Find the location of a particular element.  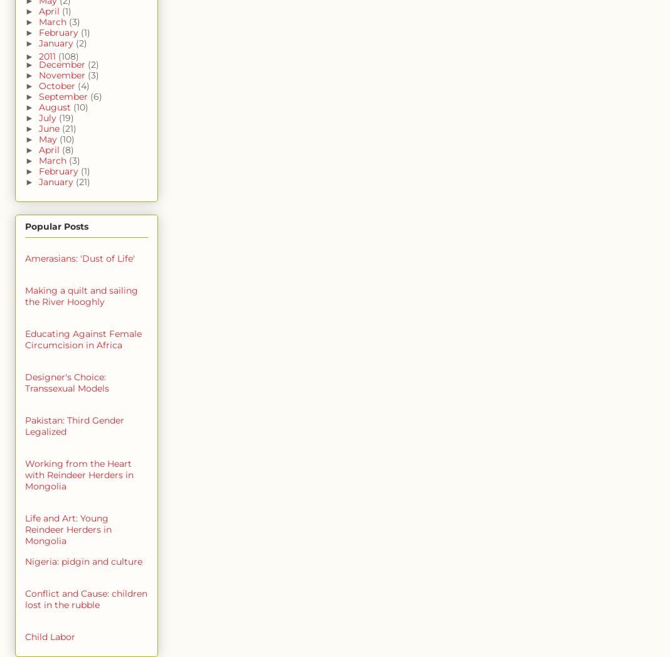

'Life and Art: Young Reindeer Herders in Mongolia' is located at coordinates (24, 529).